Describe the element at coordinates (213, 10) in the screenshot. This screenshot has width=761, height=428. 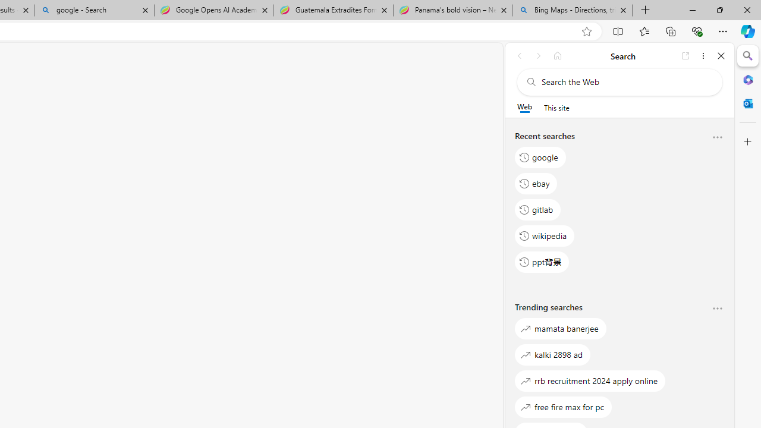
I see `'Google Opens AI Academy for Startups - Nearshore Americas'` at that location.